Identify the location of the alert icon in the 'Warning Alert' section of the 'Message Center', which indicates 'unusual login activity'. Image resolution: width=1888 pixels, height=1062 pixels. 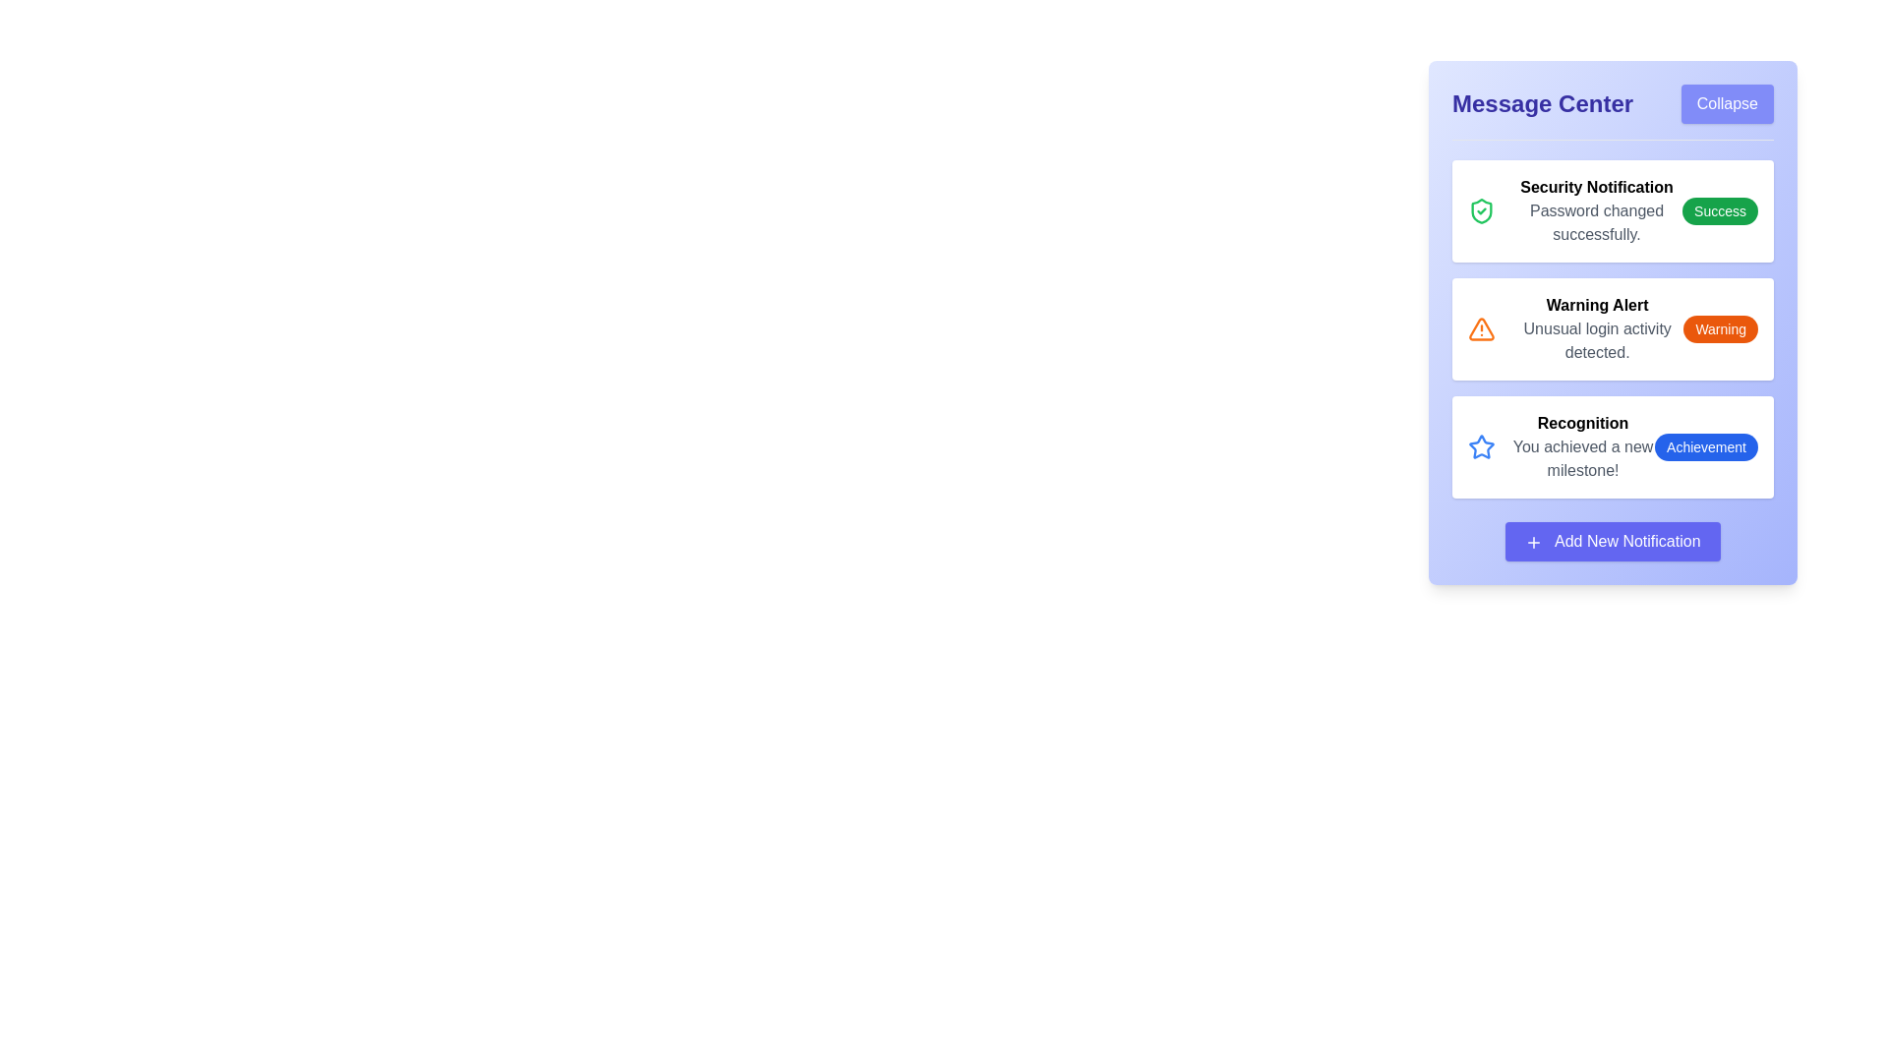
(1482, 328).